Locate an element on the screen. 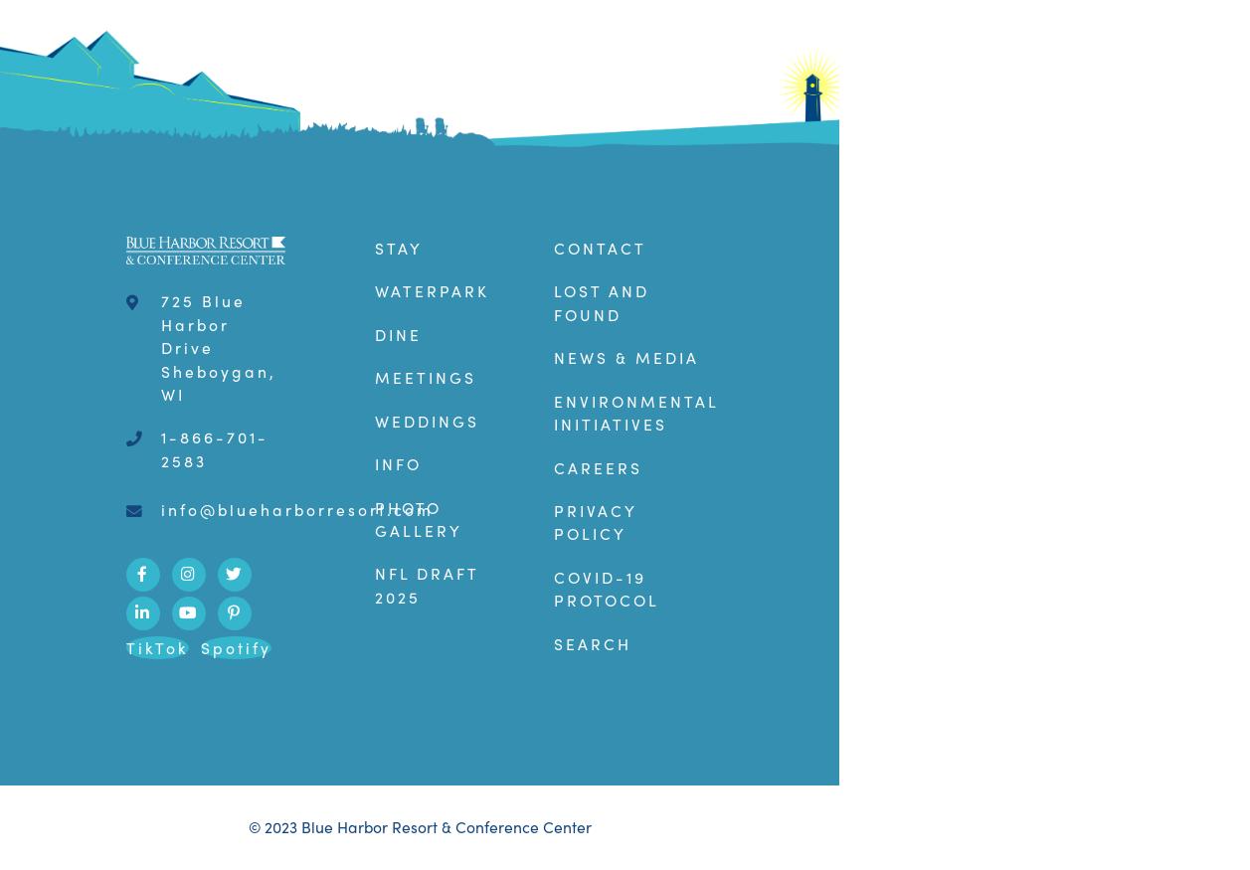 The height and width of the screenshot is (870, 1250). 'News & Media' is located at coordinates (552, 357).